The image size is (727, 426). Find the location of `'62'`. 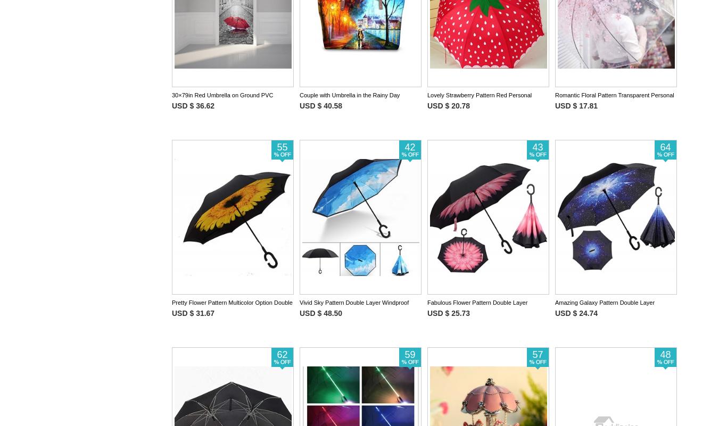

'62' is located at coordinates (282, 354).